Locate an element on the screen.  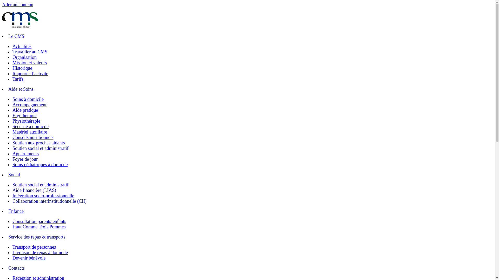
'Aide pratique' is located at coordinates (25, 110).